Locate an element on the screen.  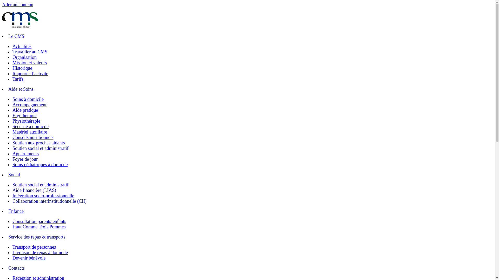
'Aide pratique' is located at coordinates (25, 110).